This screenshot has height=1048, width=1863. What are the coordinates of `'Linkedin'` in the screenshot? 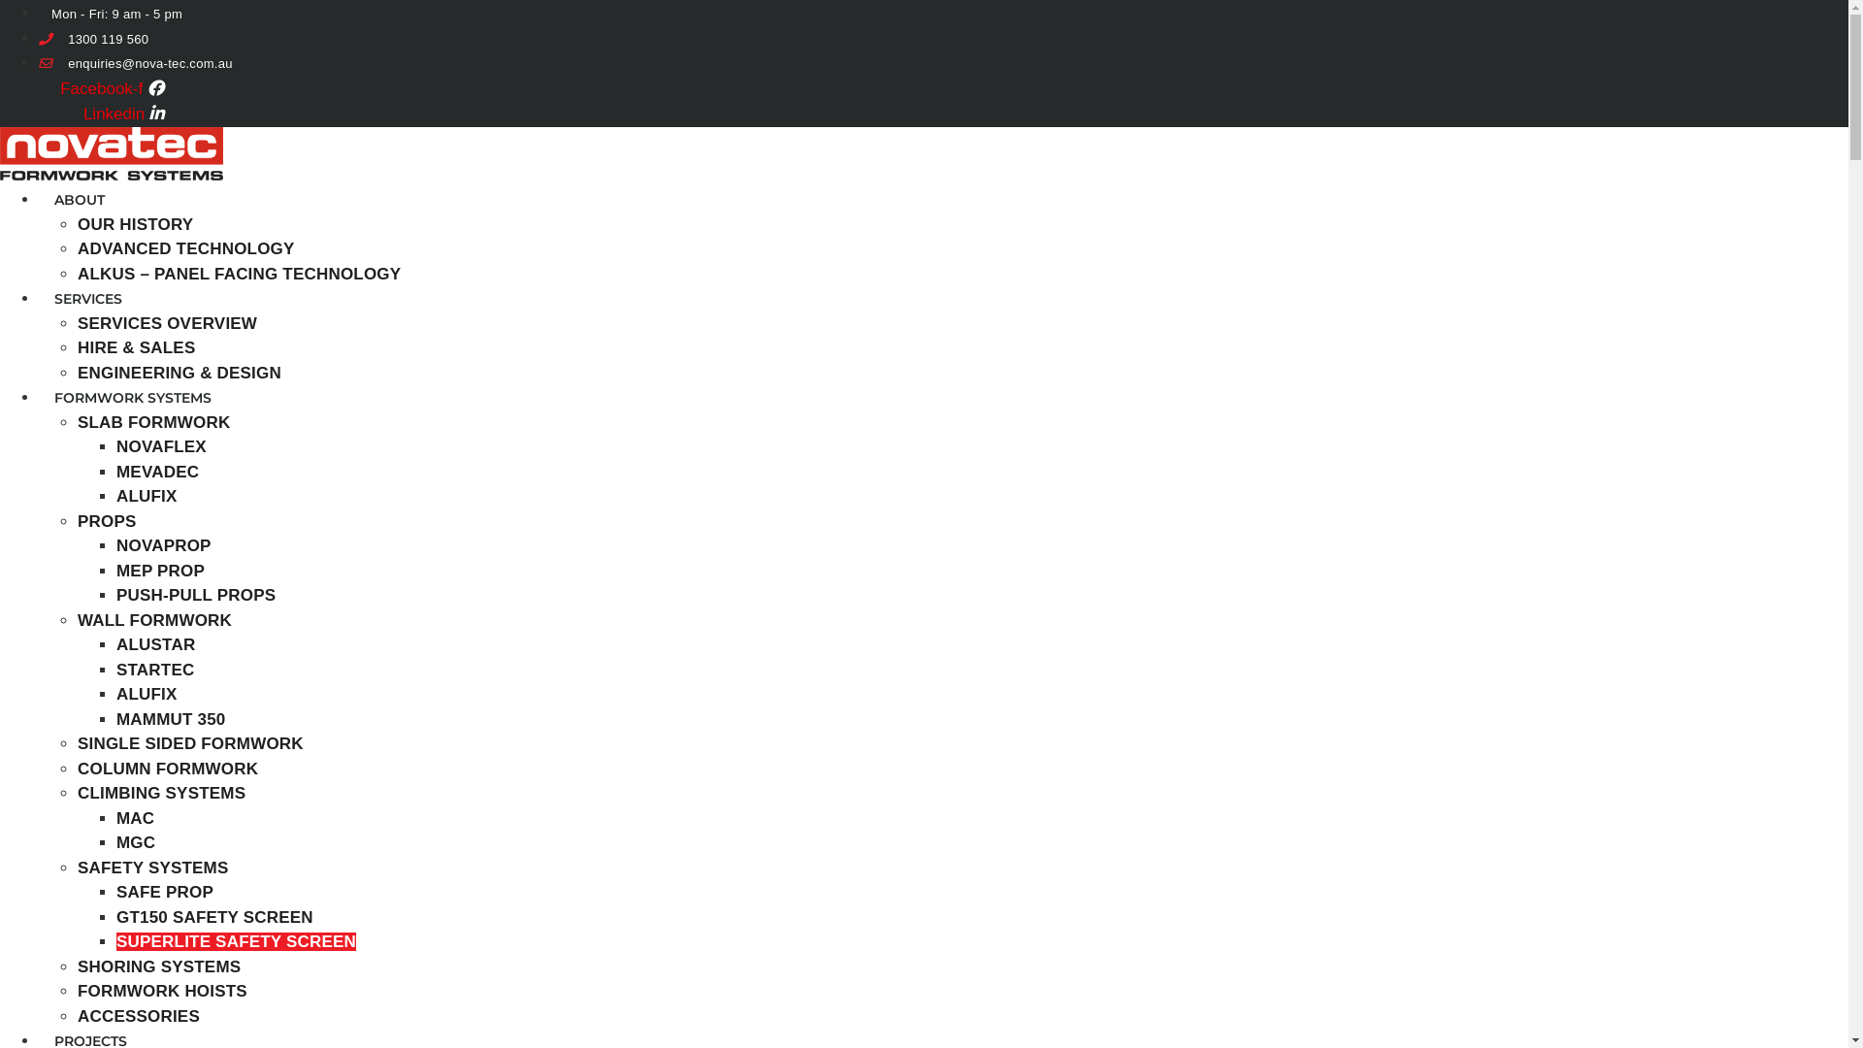 It's located at (122, 114).